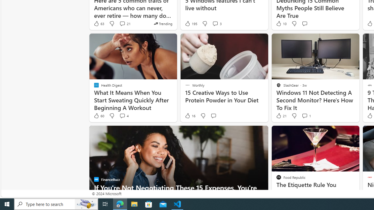  What do you see at coordinates (163, 23) in the screenshot?
I see `'This story is trending'` at bounding box center [163, 23].